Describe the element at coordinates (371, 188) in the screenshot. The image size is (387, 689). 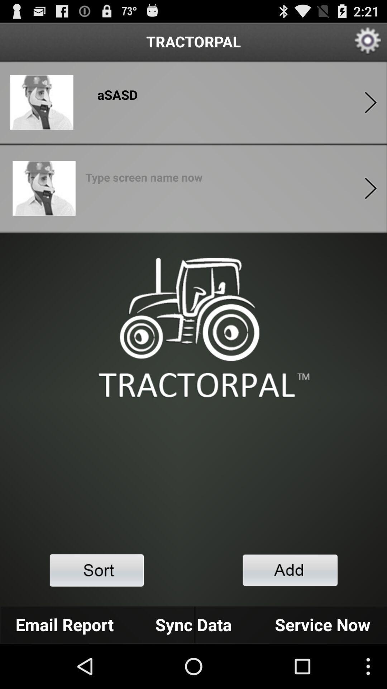
I see `options page` at that location.